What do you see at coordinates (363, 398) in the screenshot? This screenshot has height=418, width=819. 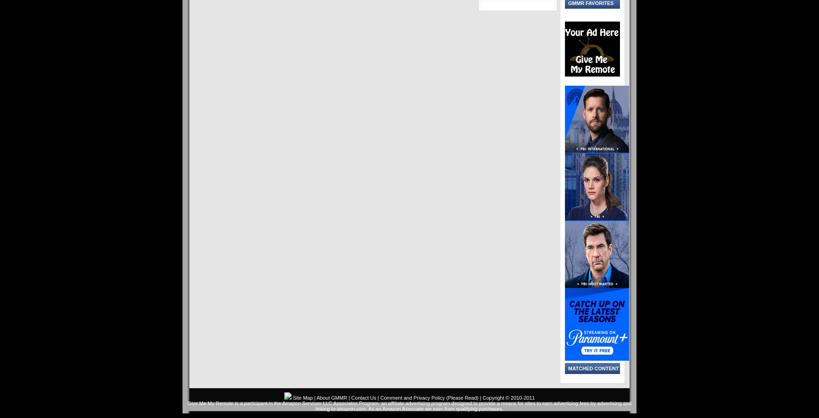 I see `'Contact Us'` at bounding box center [363, 398].